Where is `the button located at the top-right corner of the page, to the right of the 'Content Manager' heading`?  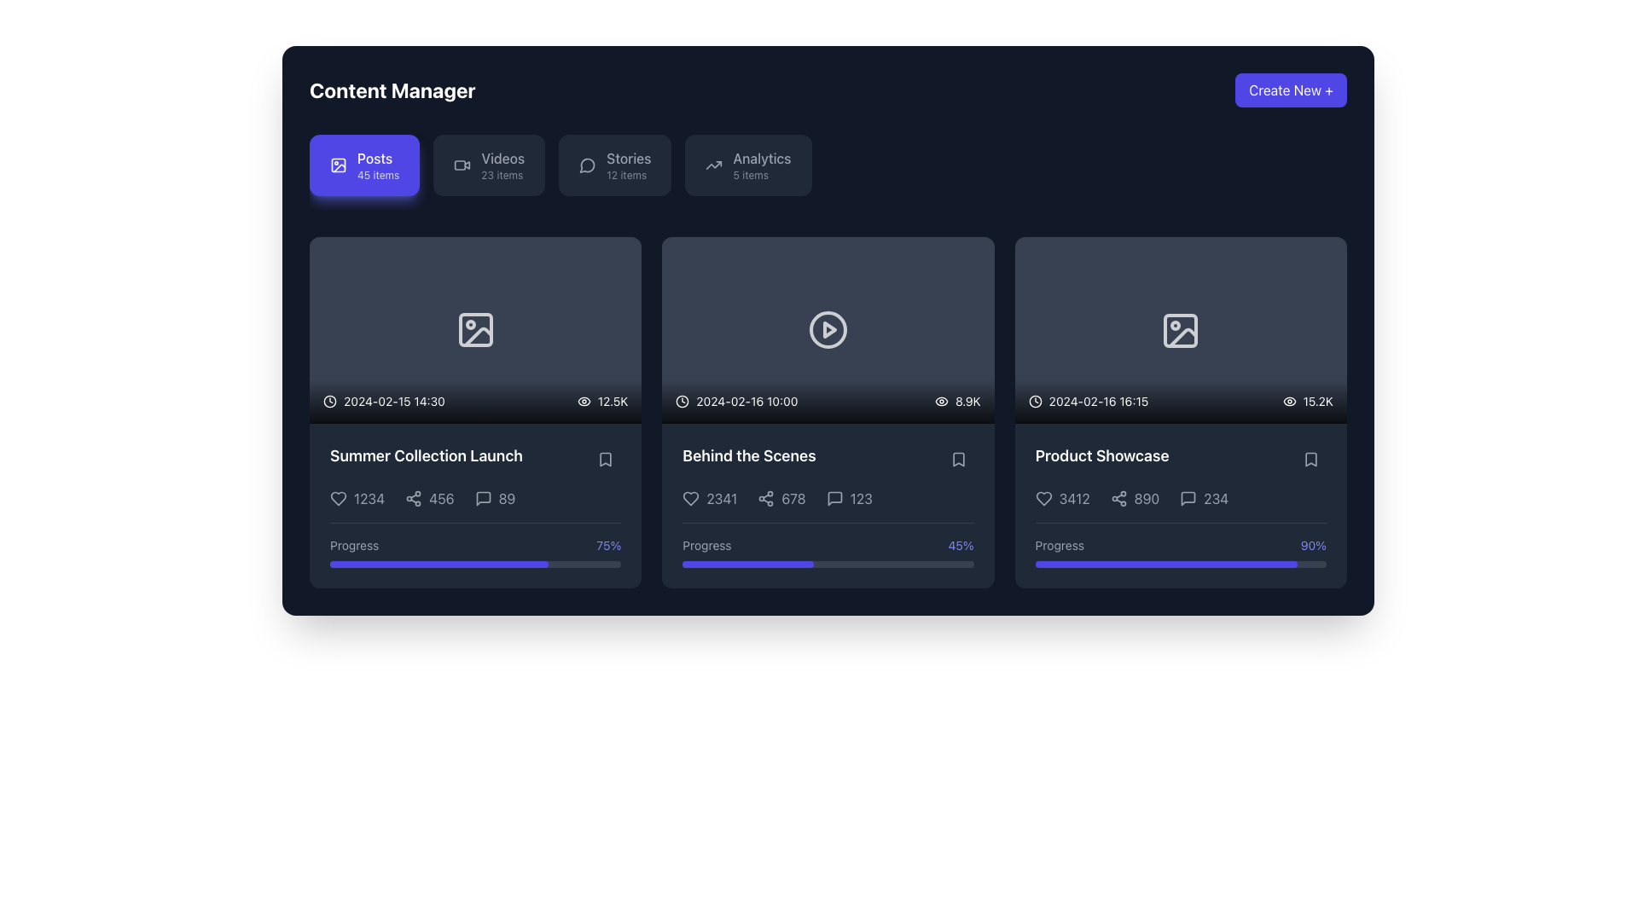 the button located at the top-right corner of the page, to the right of the 'Content Manager' heading is located at coordinates (1291, 90).